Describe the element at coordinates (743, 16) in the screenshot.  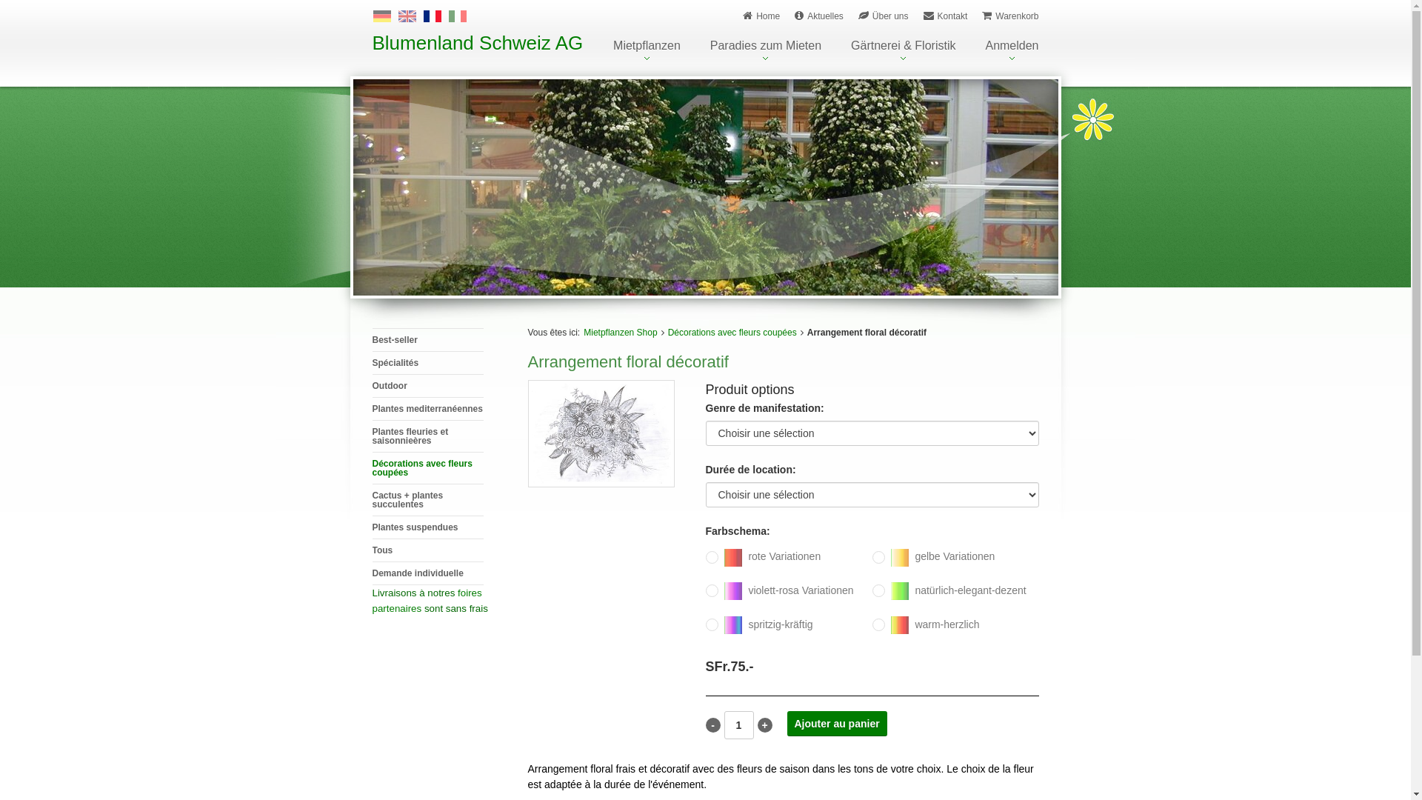
I see `'Home'` at that location.